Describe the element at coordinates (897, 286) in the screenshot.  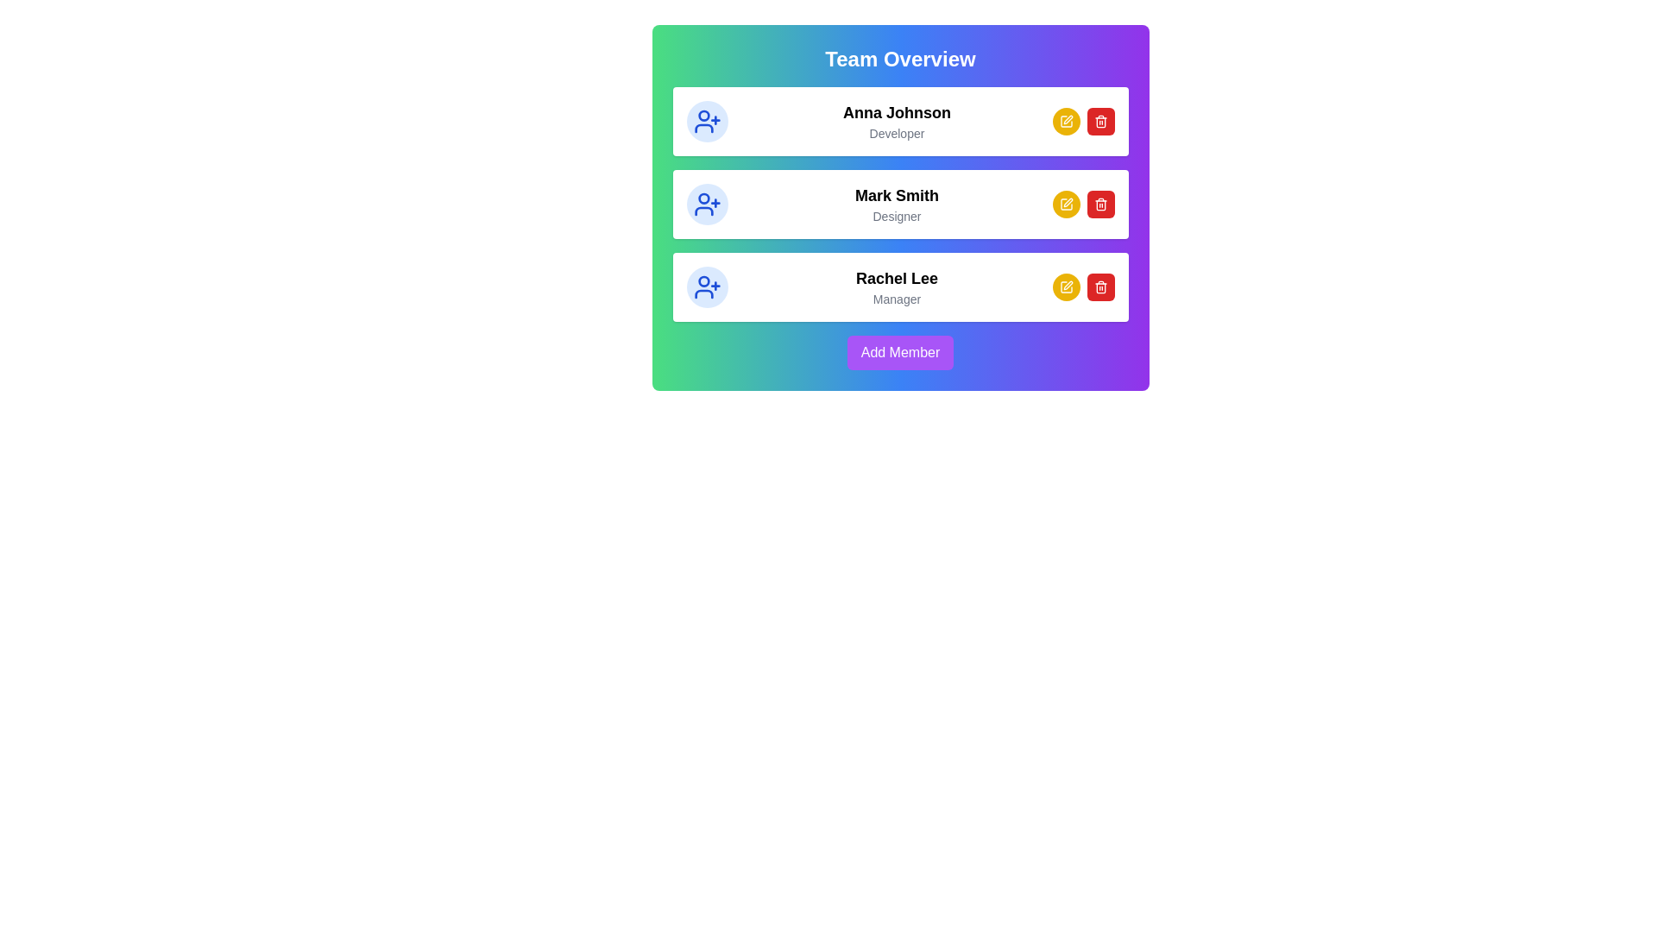
I see `the text label displaying the name 'Rachel Lee' and the role 'Manager' in the profile card within the 'Team Overview' section` at that location.